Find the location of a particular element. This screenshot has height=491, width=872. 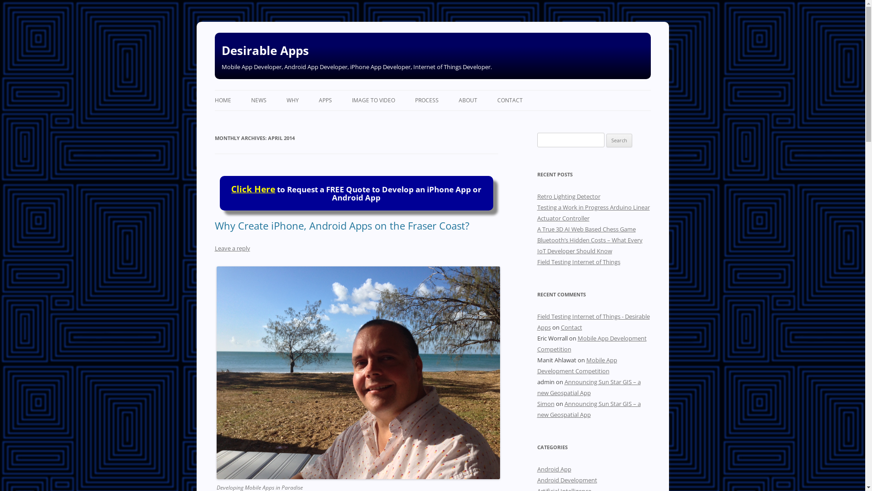

'HOME' is located at coordinates (222, 100).